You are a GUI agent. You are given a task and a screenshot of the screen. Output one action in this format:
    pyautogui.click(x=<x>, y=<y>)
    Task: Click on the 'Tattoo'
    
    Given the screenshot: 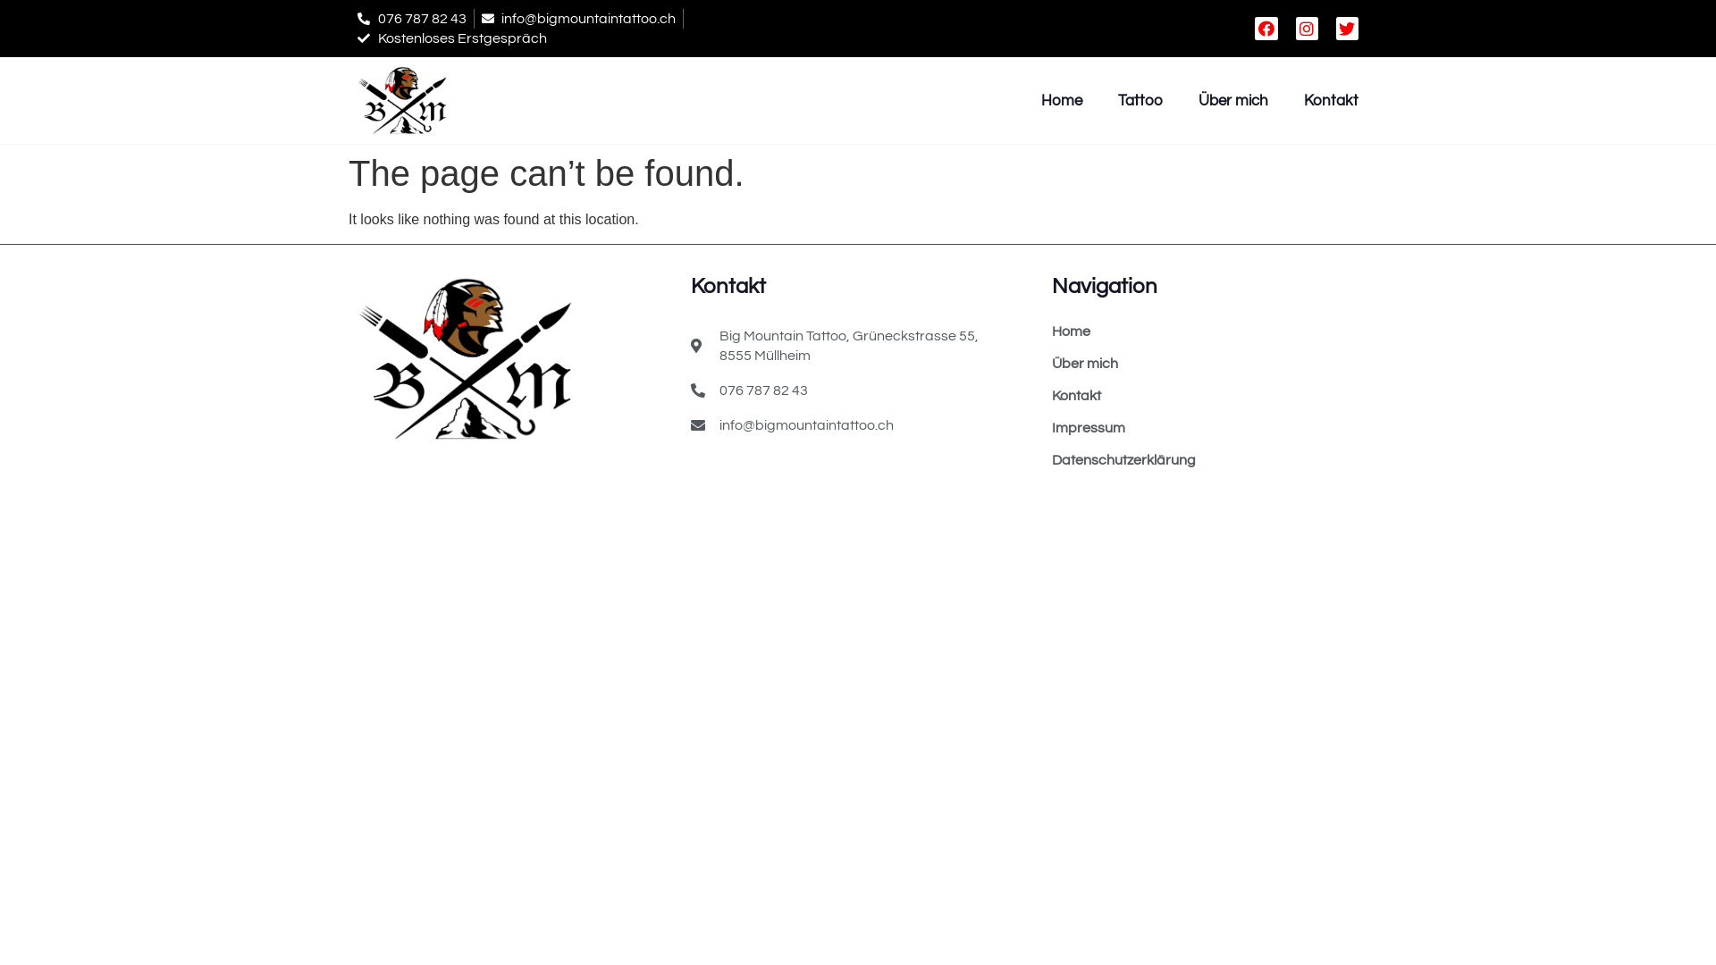 What is the action you would take?
    pyautogui.click(x=1140, y=100)
    